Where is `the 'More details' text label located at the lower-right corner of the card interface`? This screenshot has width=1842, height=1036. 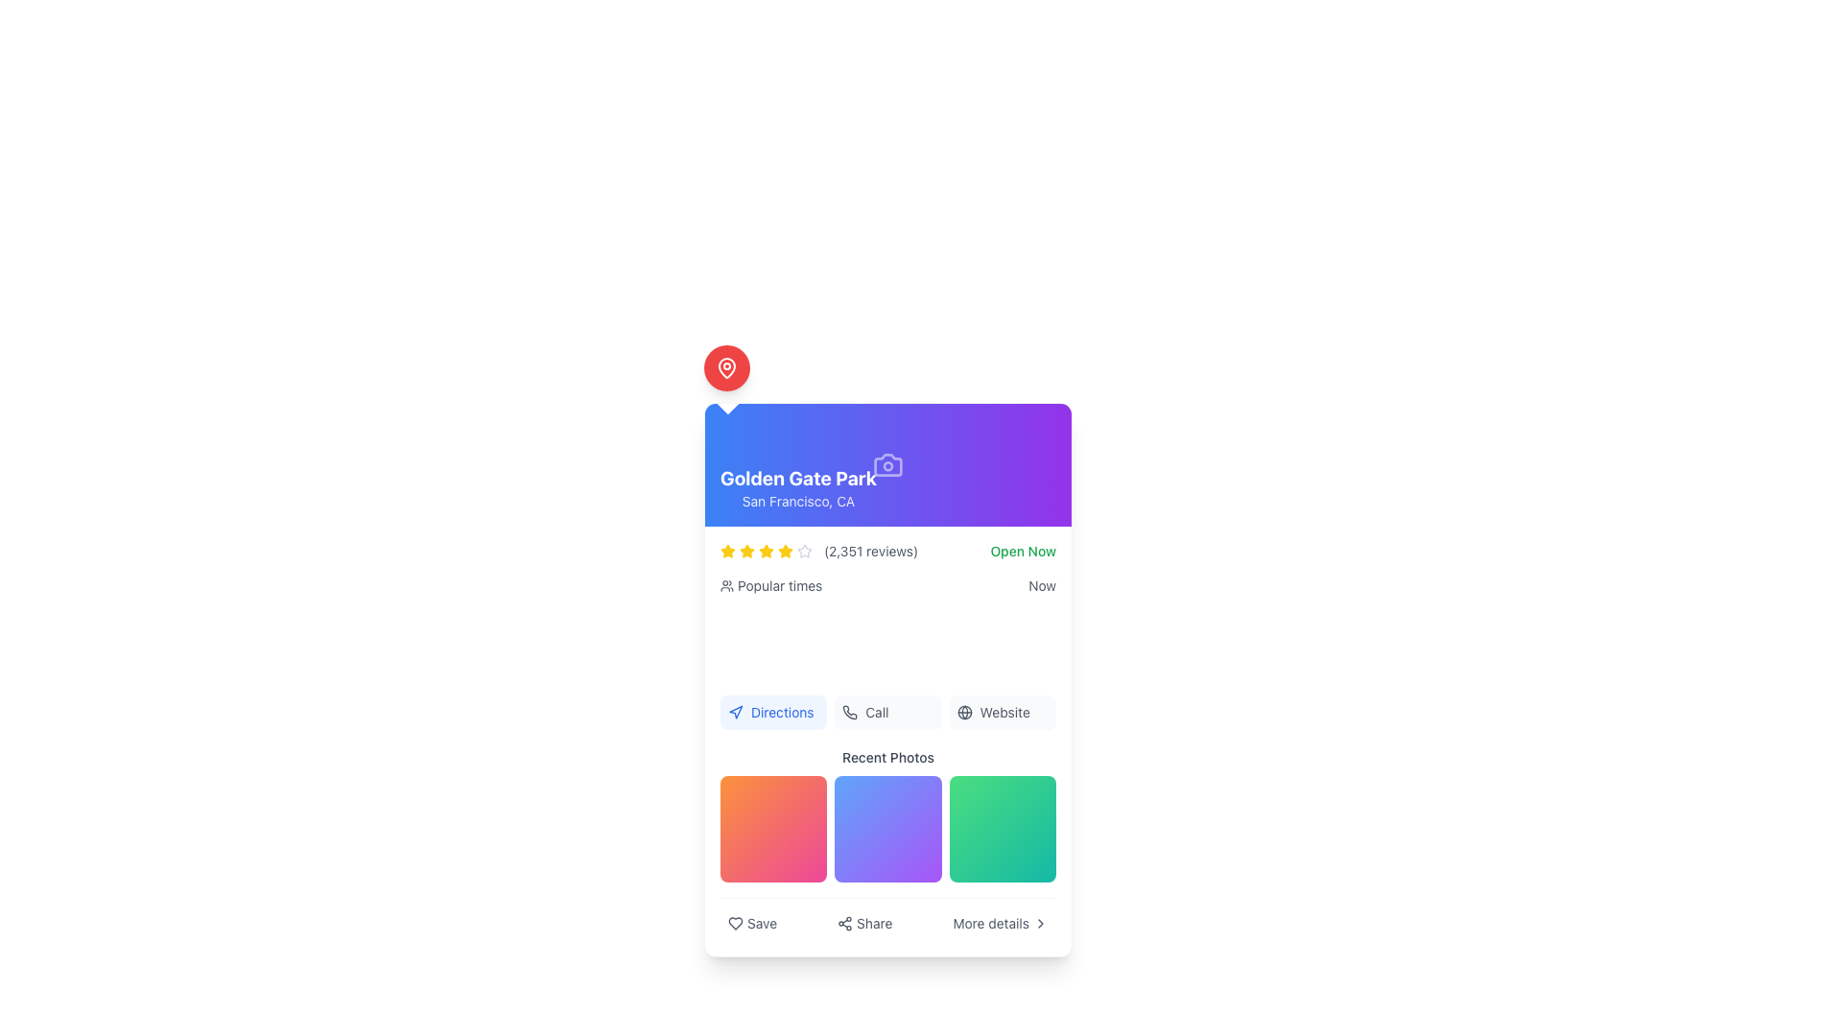 the 'More details' text label located at the lower-right corner of the card interface is located at coordinates (991, 923).